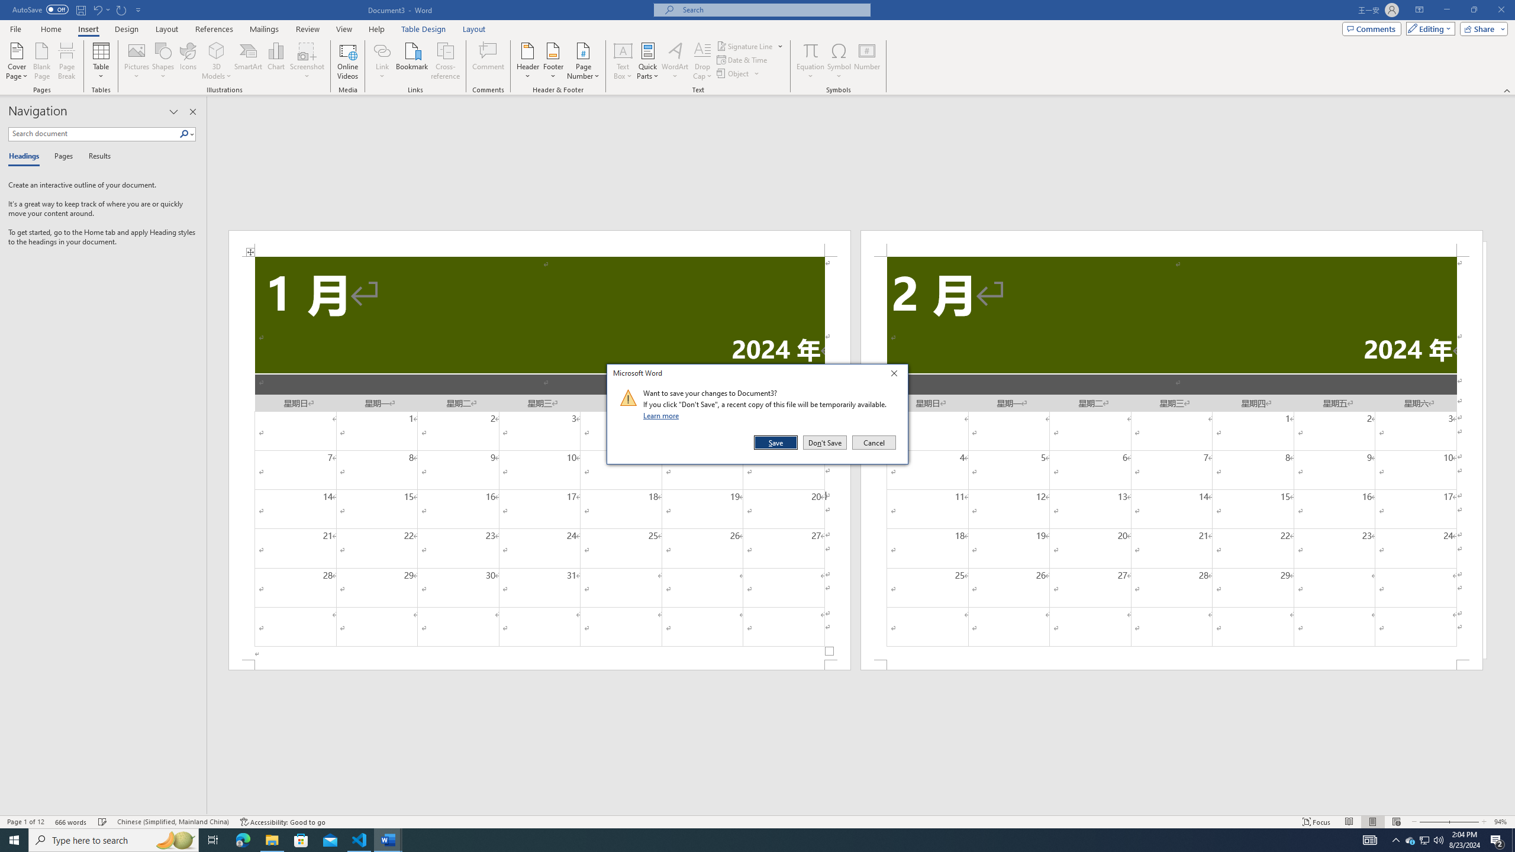 The width and height of the screenshot is (1515, 852). I want to click on 'SmartArt...', so click(248, 61).